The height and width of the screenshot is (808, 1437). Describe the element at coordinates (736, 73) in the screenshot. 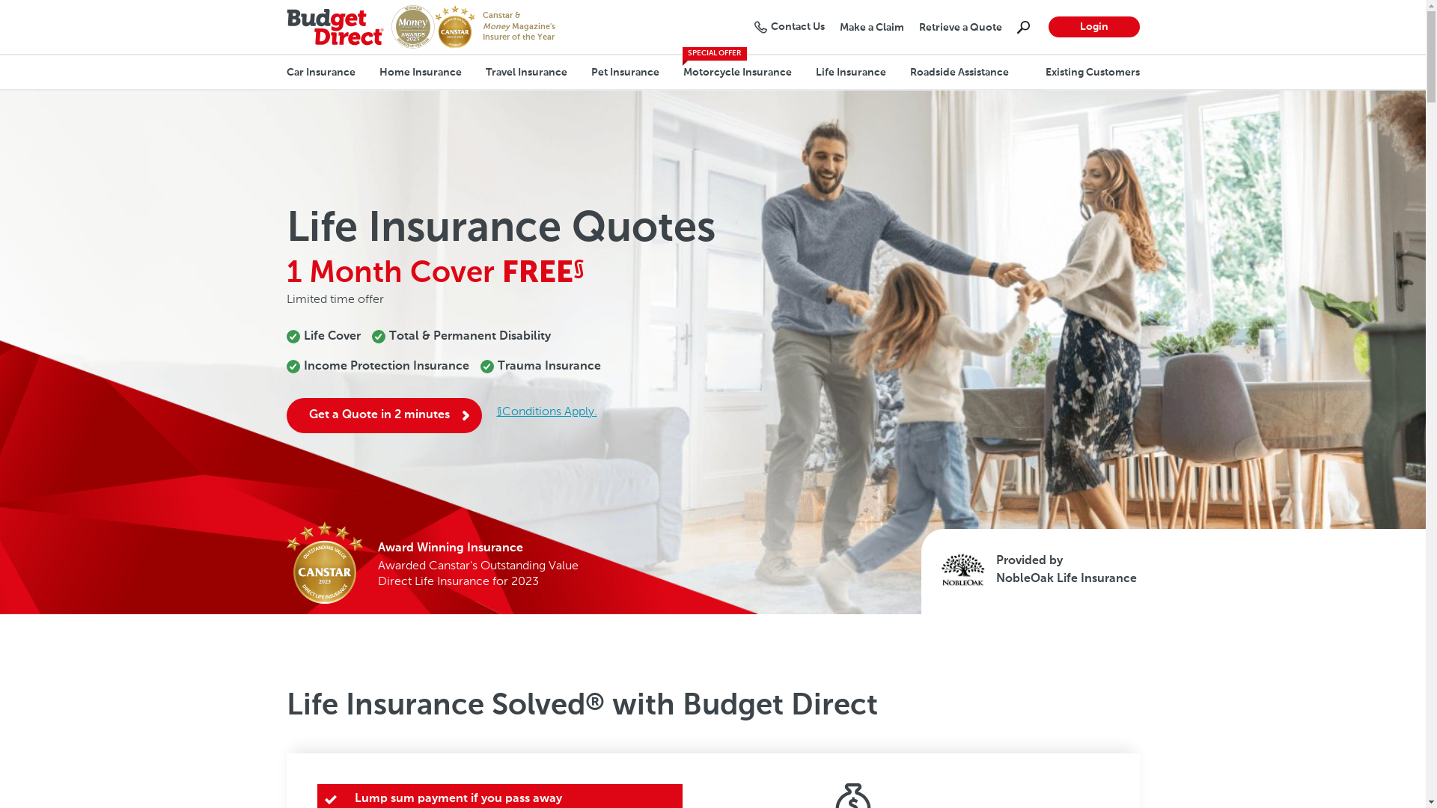

I see `'Motorcycle Insurance'` at that location.